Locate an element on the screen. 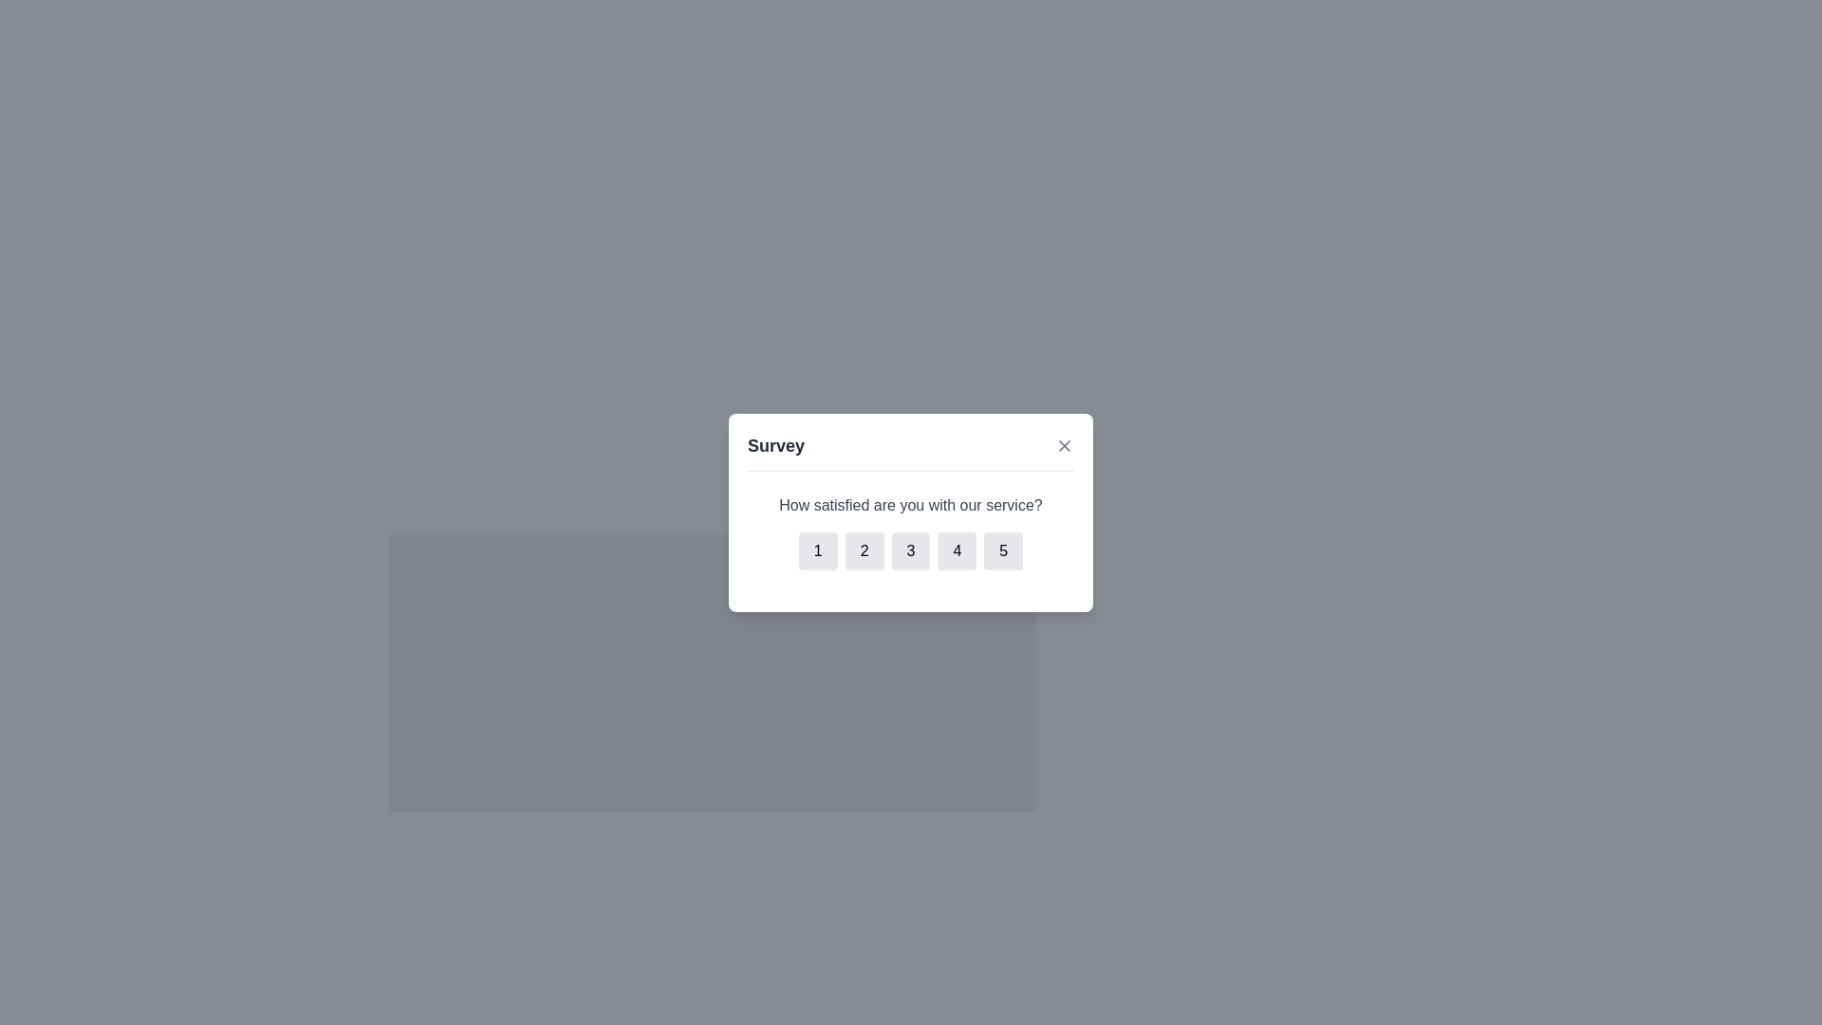  the modal dialog box is located at coordinates (911, 512).